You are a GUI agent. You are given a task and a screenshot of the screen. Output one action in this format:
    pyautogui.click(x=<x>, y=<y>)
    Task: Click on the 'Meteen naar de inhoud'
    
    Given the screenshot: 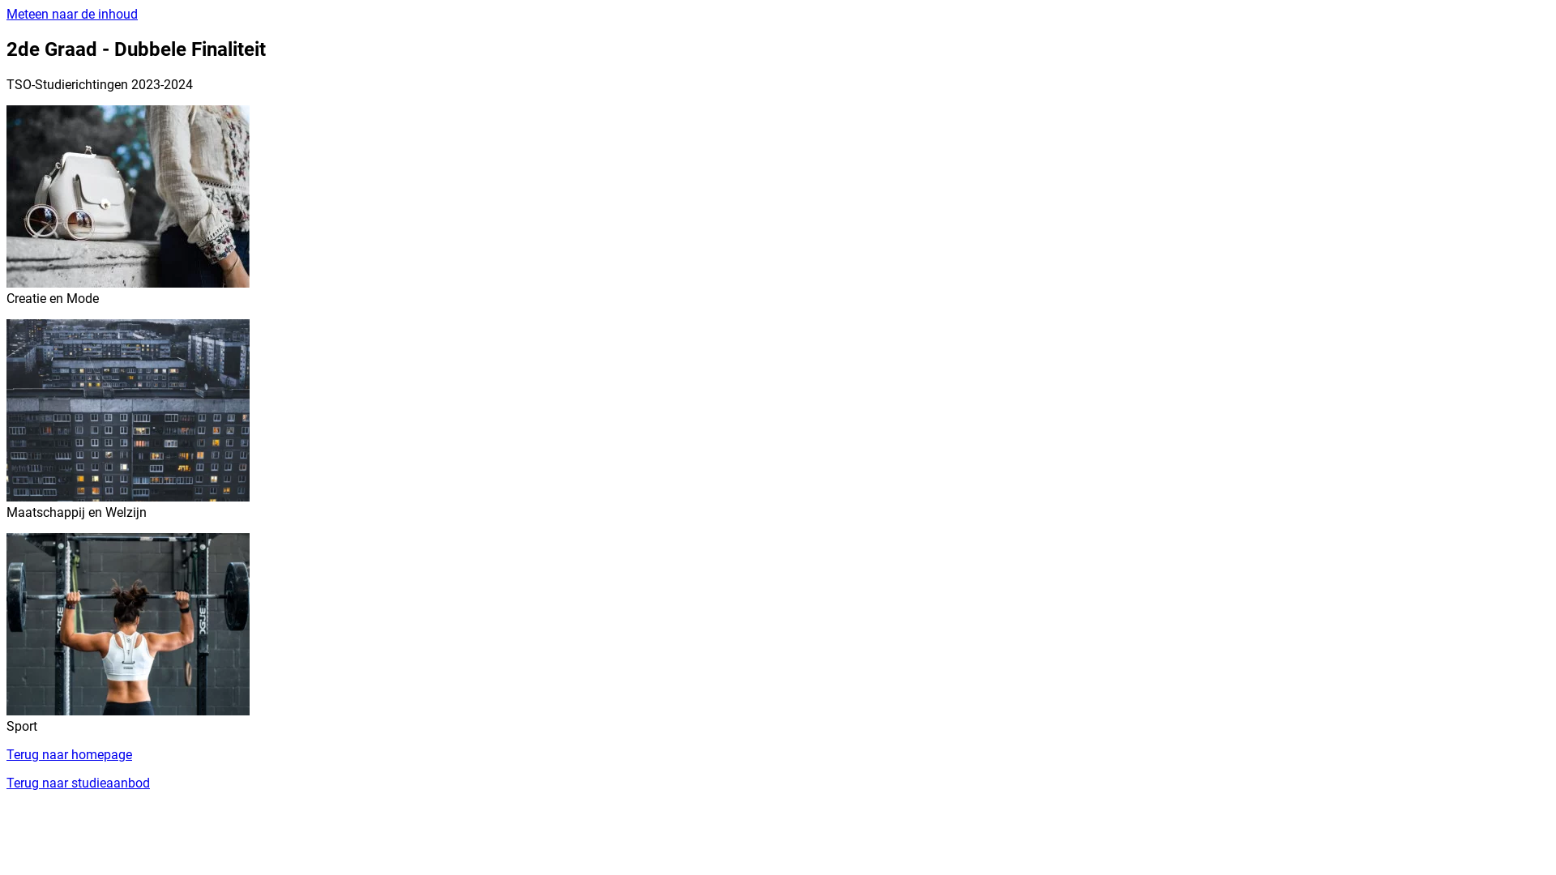 What is the action you would take?
    pyautogui.click(x=71, y=14)
    